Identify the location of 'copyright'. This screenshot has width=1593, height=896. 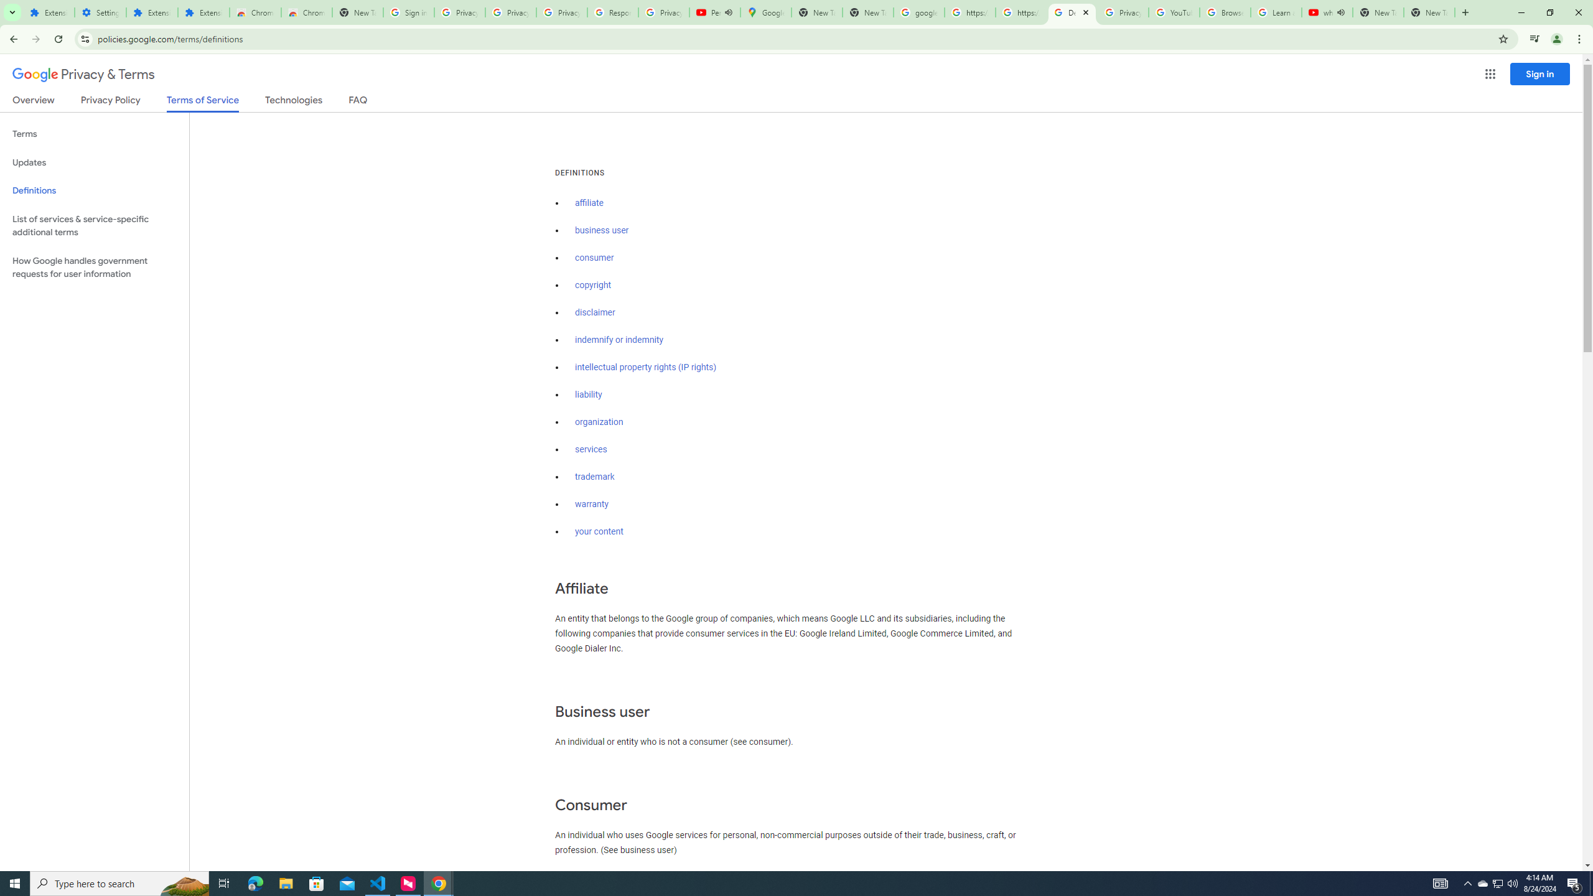
(593, 284).